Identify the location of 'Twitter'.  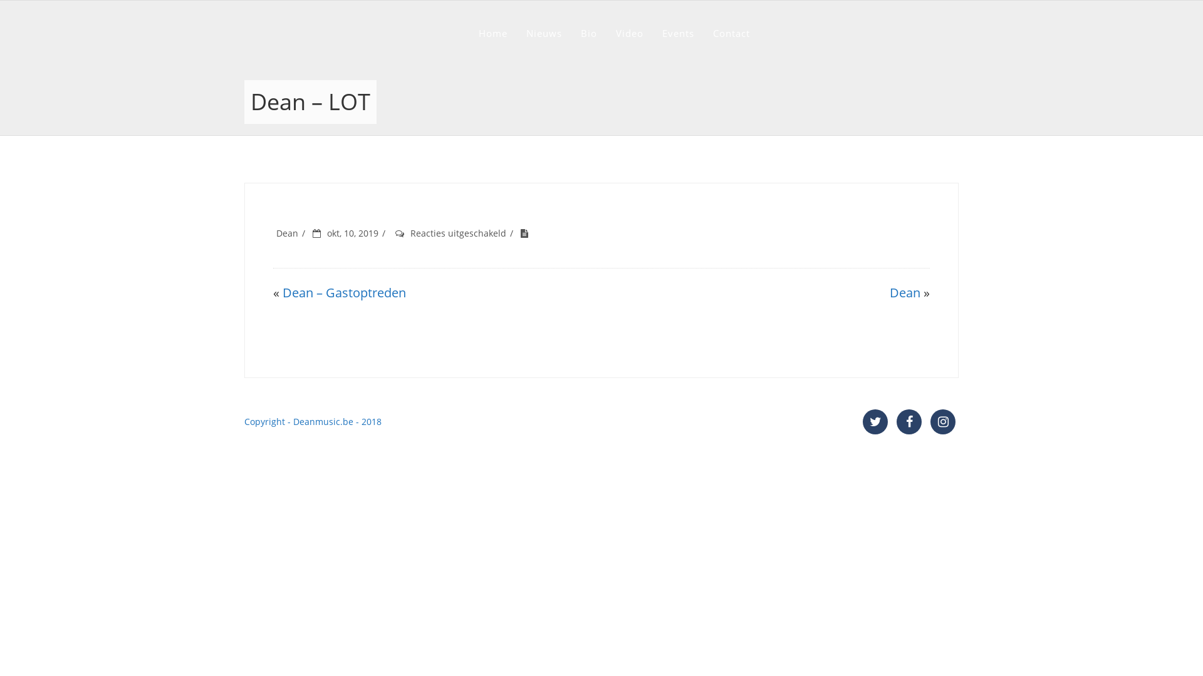
(874, 422).